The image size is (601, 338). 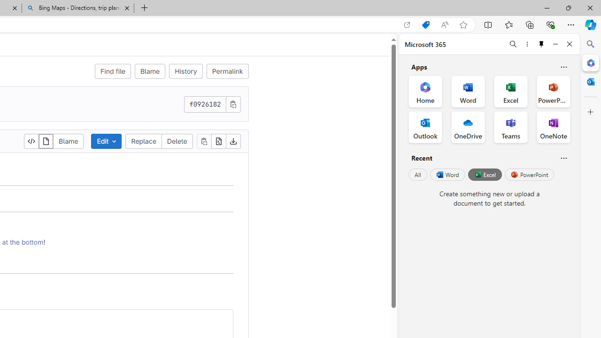 What do you see at coordinates (113, 70) in the screenshot?
I see `'Find file'` at bounding box center [113, 70].